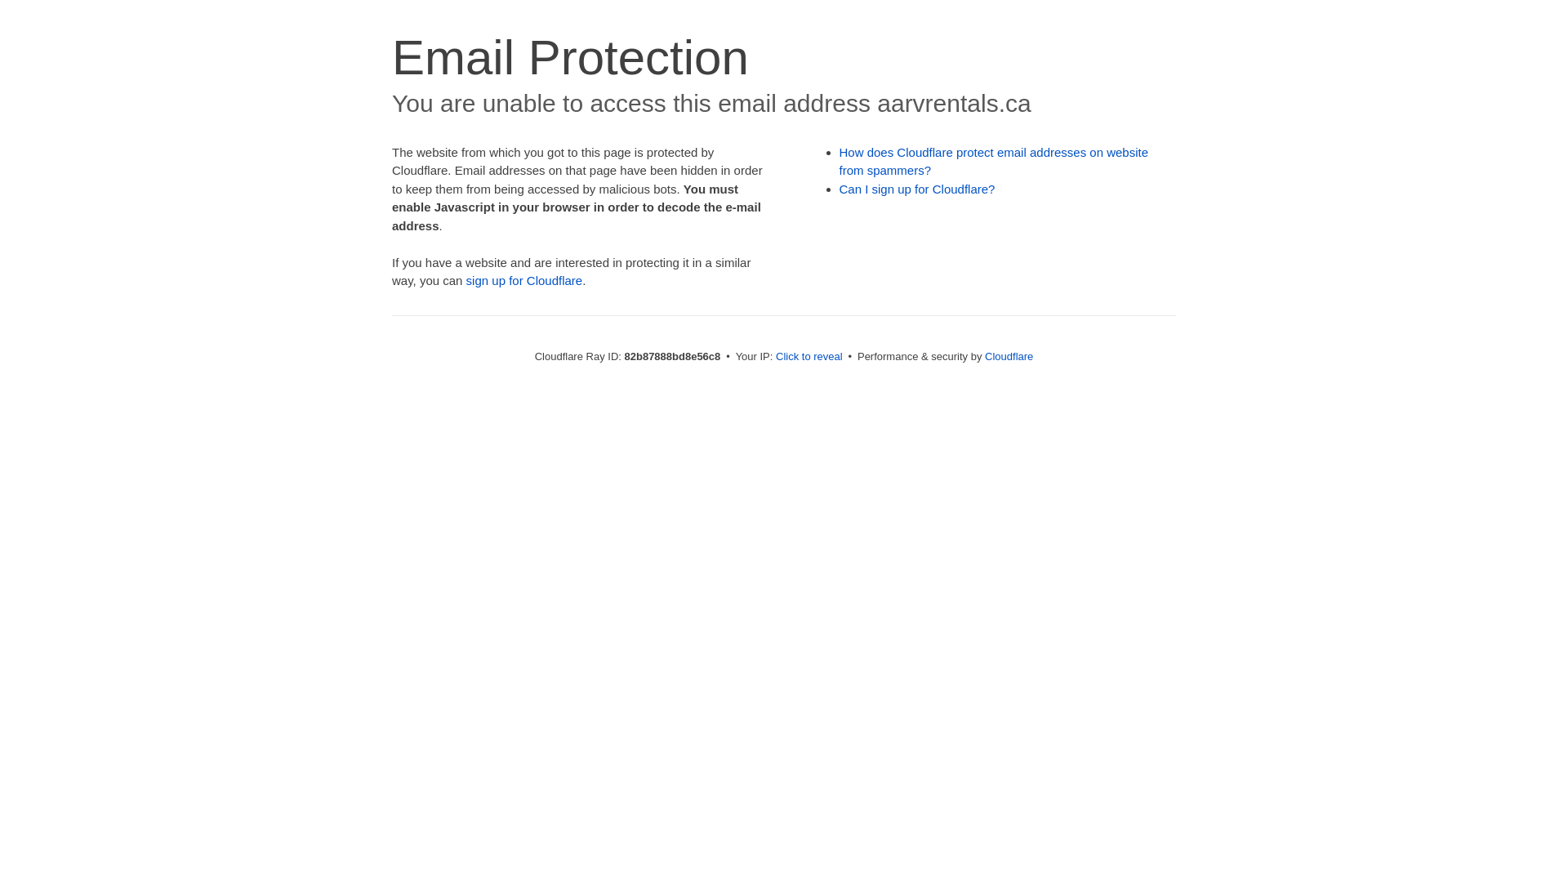 The height and width of the screenshot is (882, 1568). I want to click on 'Cloudflare', so click(1008, 355).